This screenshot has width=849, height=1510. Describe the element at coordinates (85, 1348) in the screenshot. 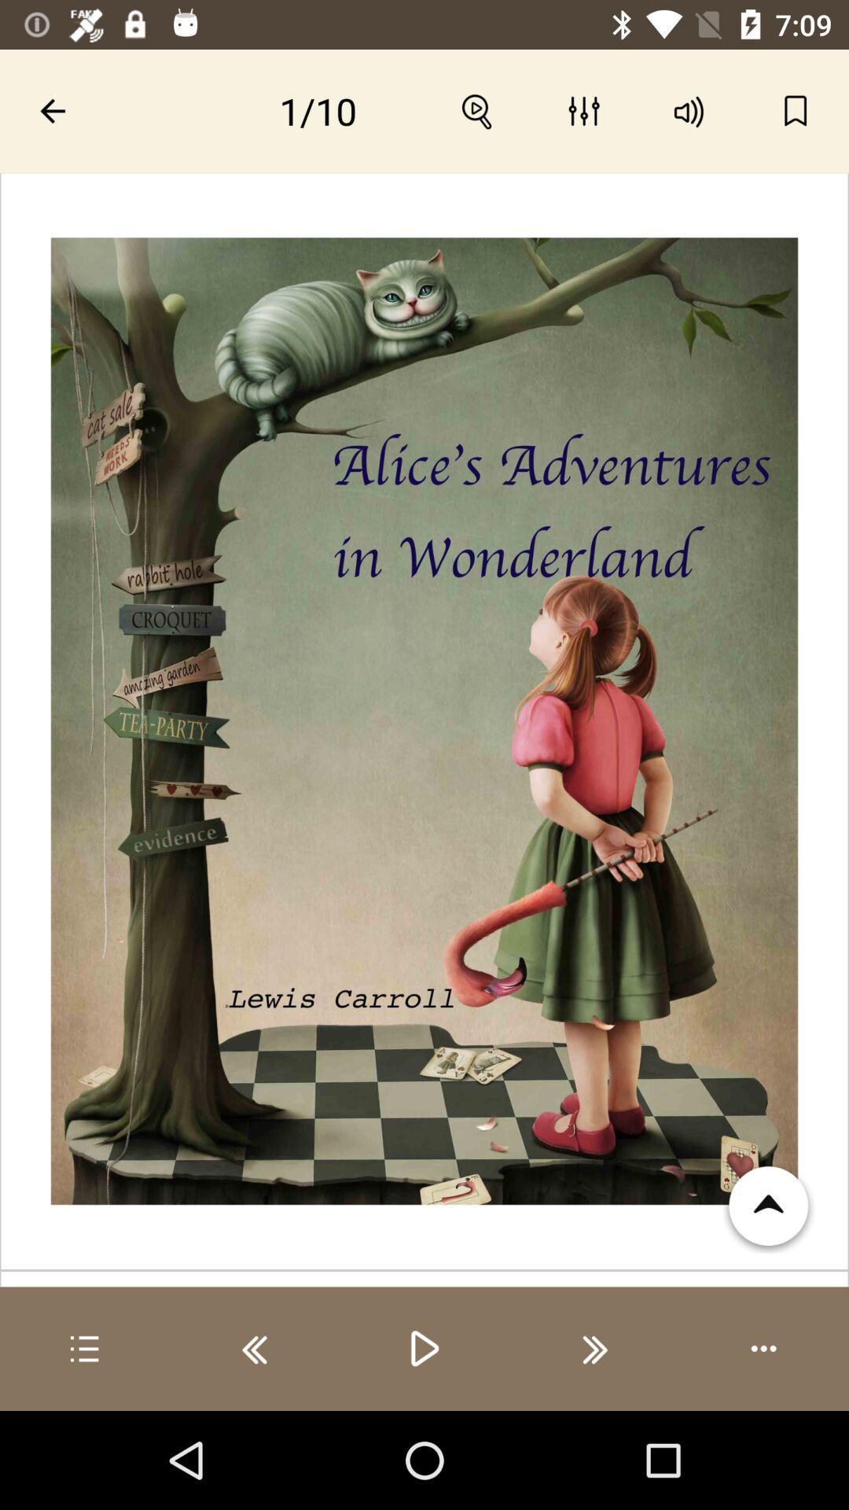

I see `open menu` at that location.